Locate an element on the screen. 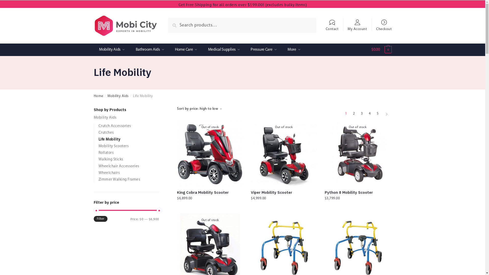  'Home' is located at coordinates (99, 96).